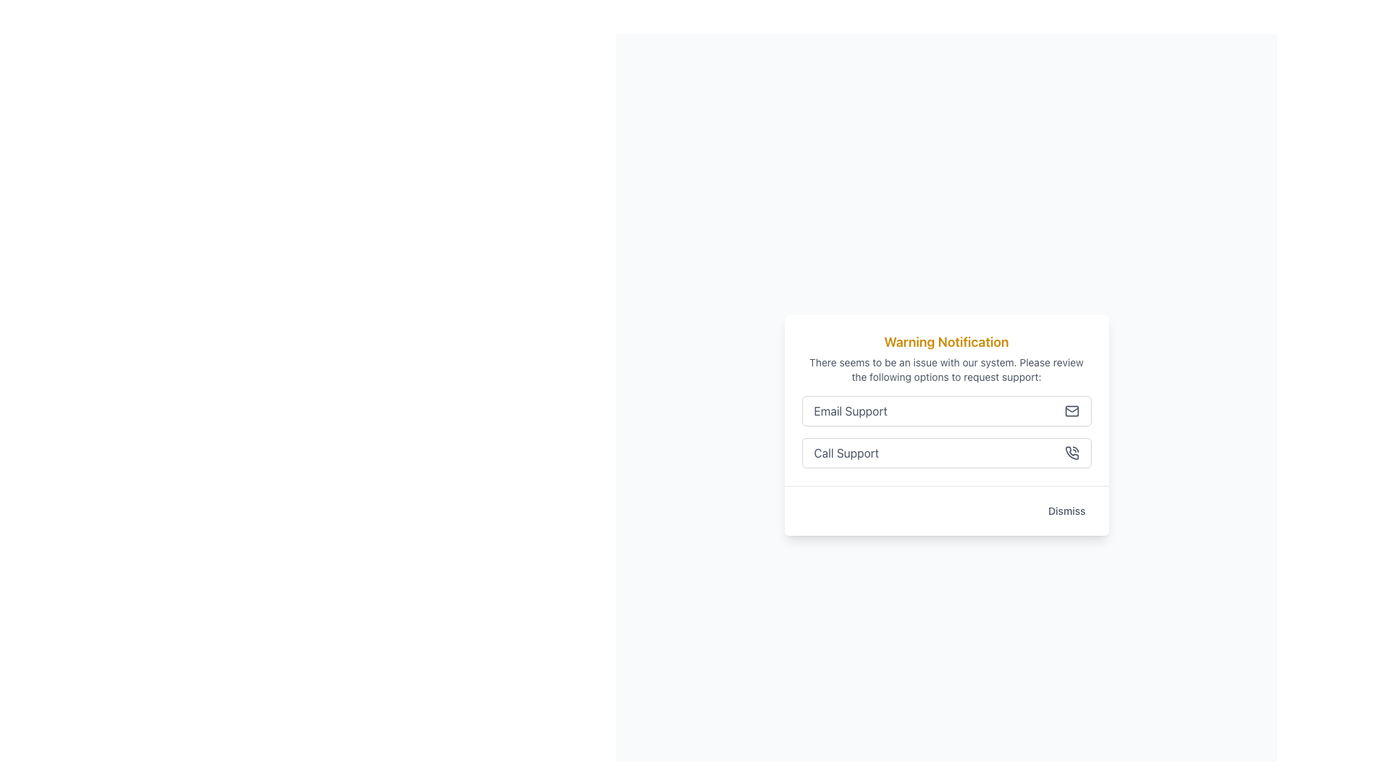 Image resolution: width=1390 pixels, height=782 pixels. What do you see at coordinates (946, 369) in the screenshot?
I see `block of light gray text located in the notification card, positioned below the 'Warning Notification' header and above the 'Email Support' and 'Call Support' buttons` at bounding box center [946, 369].